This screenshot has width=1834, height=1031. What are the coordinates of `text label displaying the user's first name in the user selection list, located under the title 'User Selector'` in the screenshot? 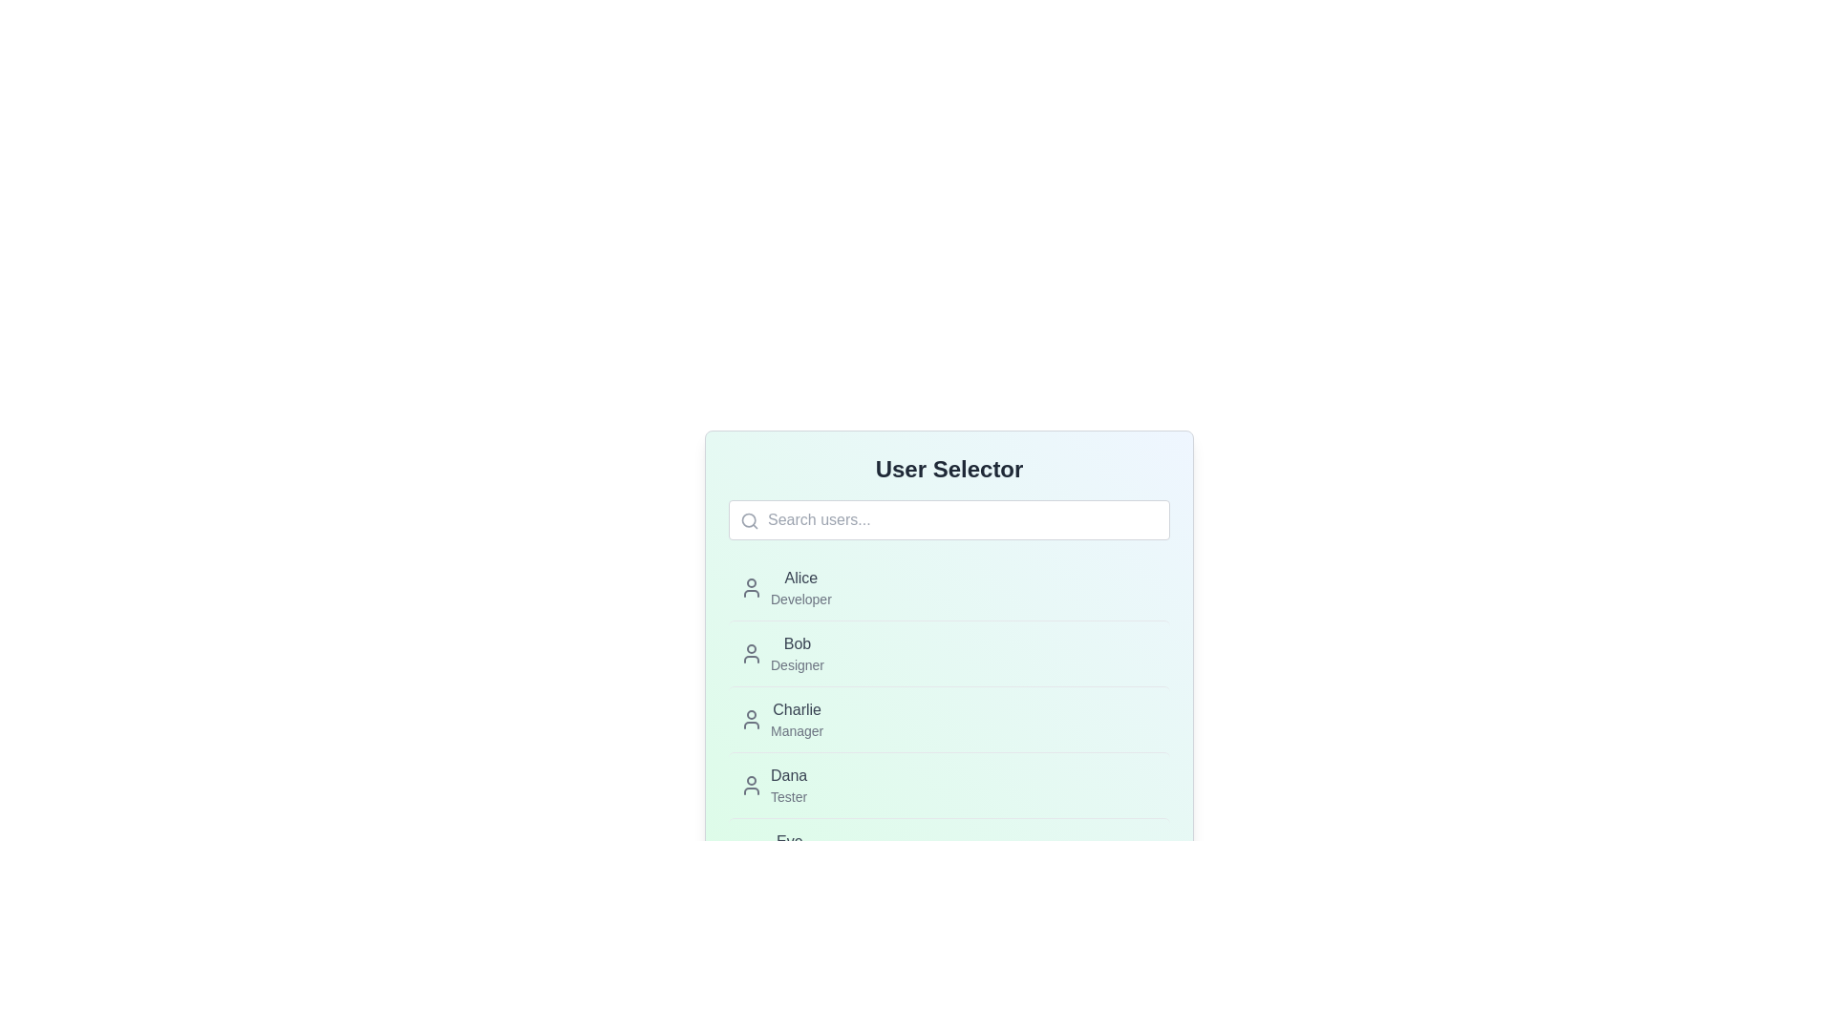 It's located at (789, 776).